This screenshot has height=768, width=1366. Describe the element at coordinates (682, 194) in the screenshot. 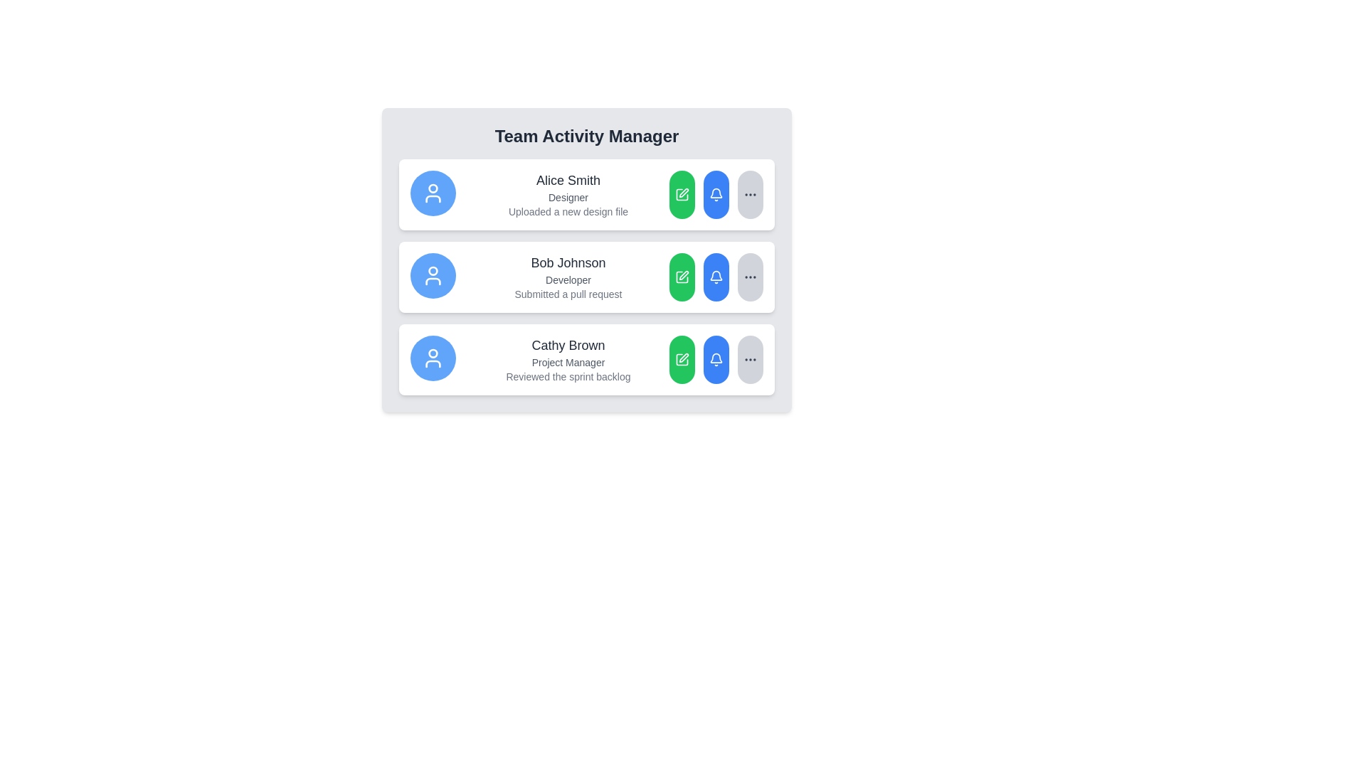

I see `the small green circular button with a pen icon that is located to the left of the bell icon and aligned with the row containing user information for 'Alice Smith'` at that location.